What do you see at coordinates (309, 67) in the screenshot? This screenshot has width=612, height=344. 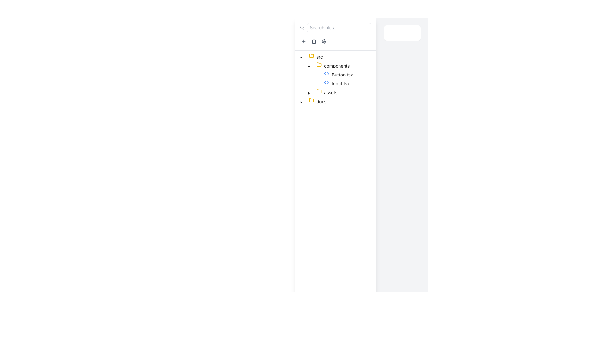 I see `the downward-pointing chevron icon indicating an open state in the collapsible list` at bounding box center [309, 67].